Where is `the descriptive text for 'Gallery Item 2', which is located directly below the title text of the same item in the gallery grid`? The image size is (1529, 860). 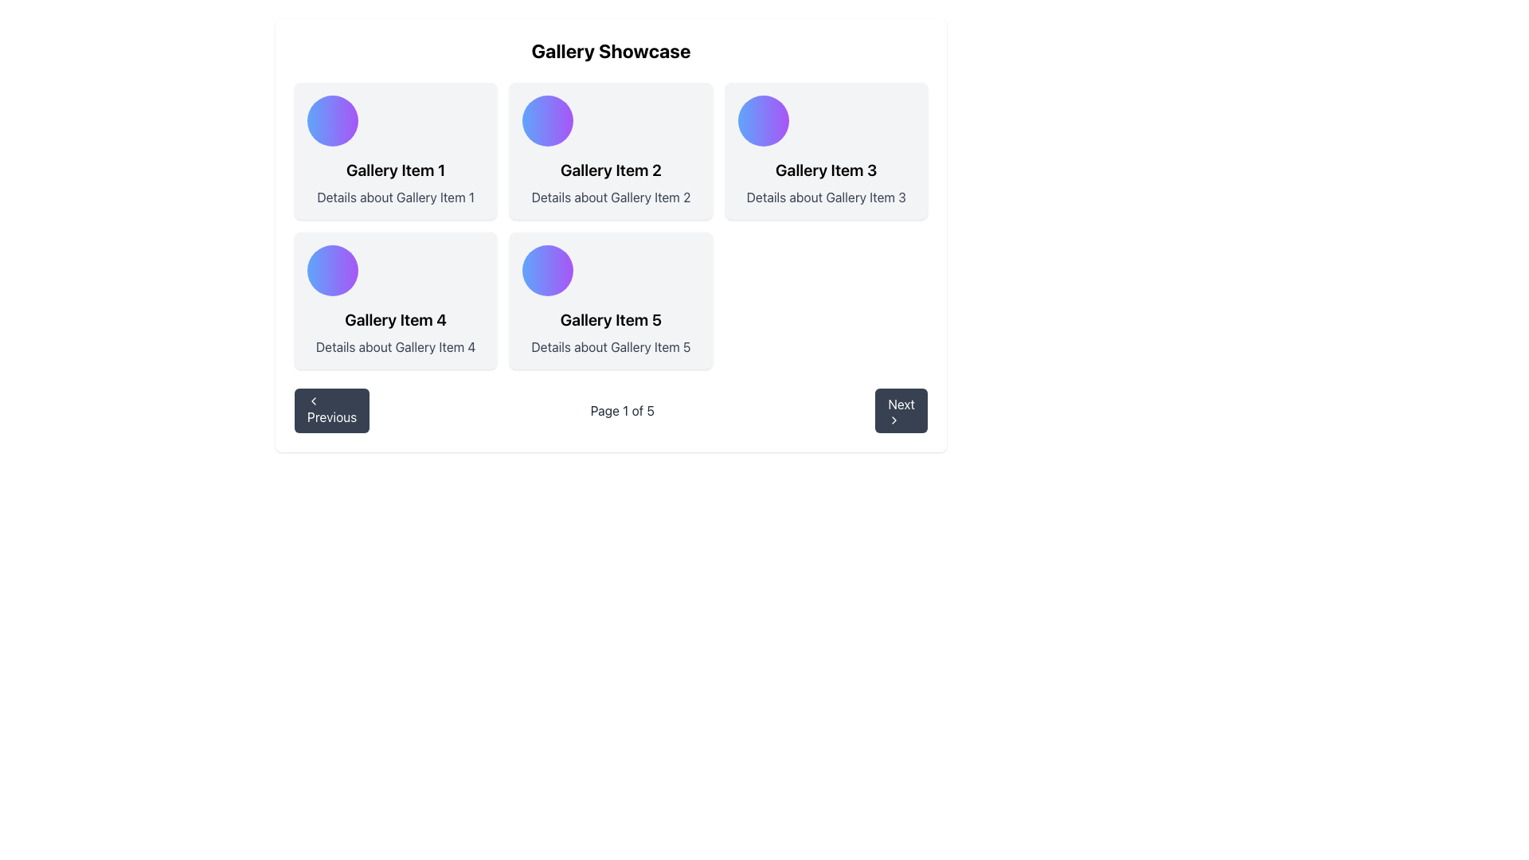 the descriptive text for 'Gallery Item 2', which is located directly below the title text of the same item in the gallery grid is located at coordinates (610, 196).